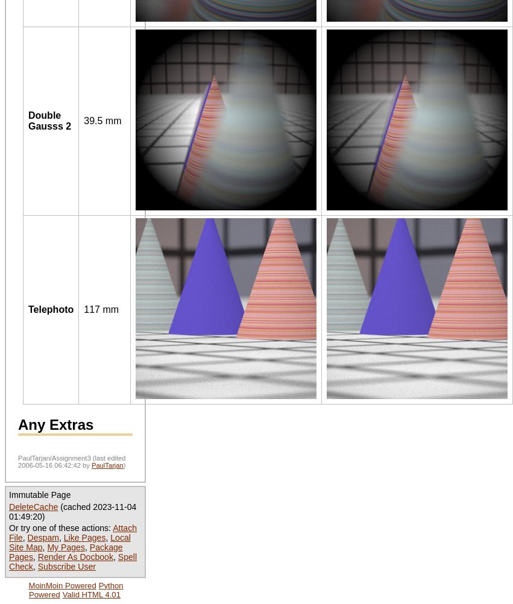  What do you see at coordinates (8, 561) in the screenshot?
I see `'Spell Check'` at bounding box center [8, 561].